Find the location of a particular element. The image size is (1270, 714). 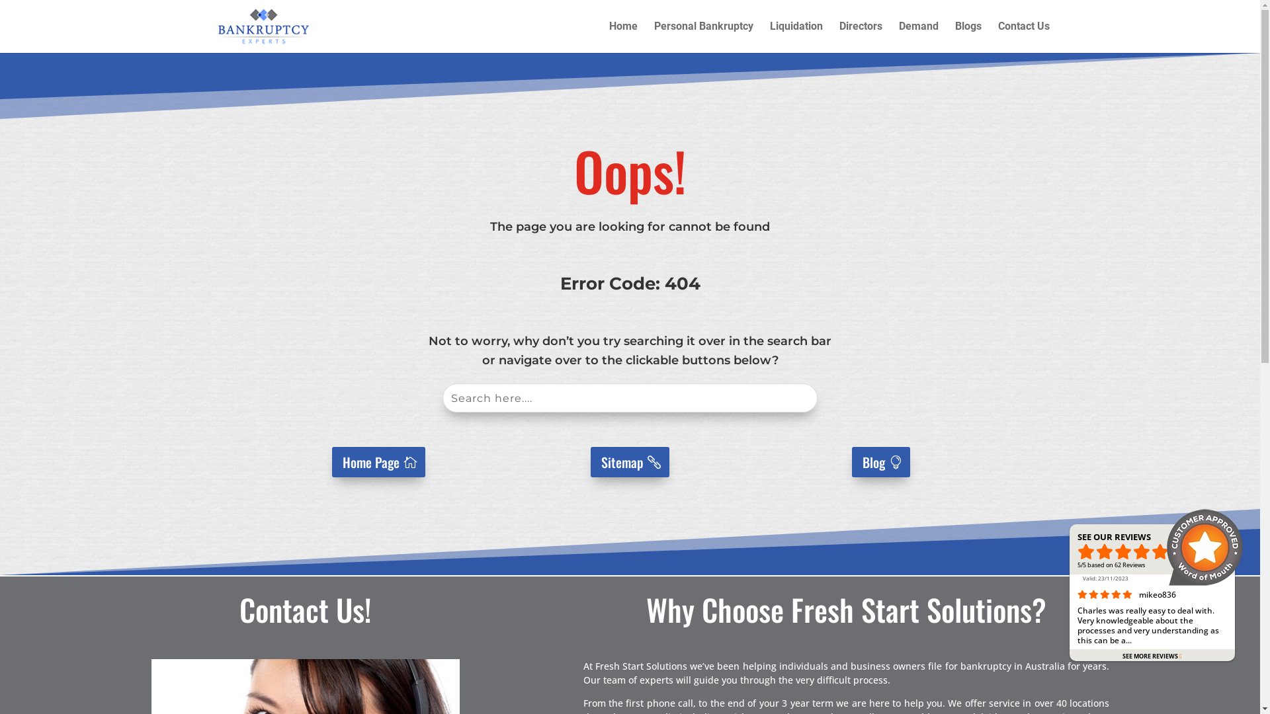

'Home' is located at coordinates (609, 36).